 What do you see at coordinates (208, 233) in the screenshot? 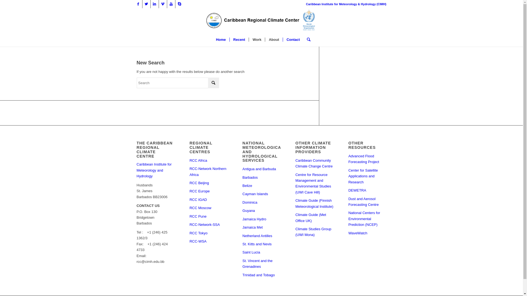
I see `'RCC Tokyo'` at bounding box center [208, 233].